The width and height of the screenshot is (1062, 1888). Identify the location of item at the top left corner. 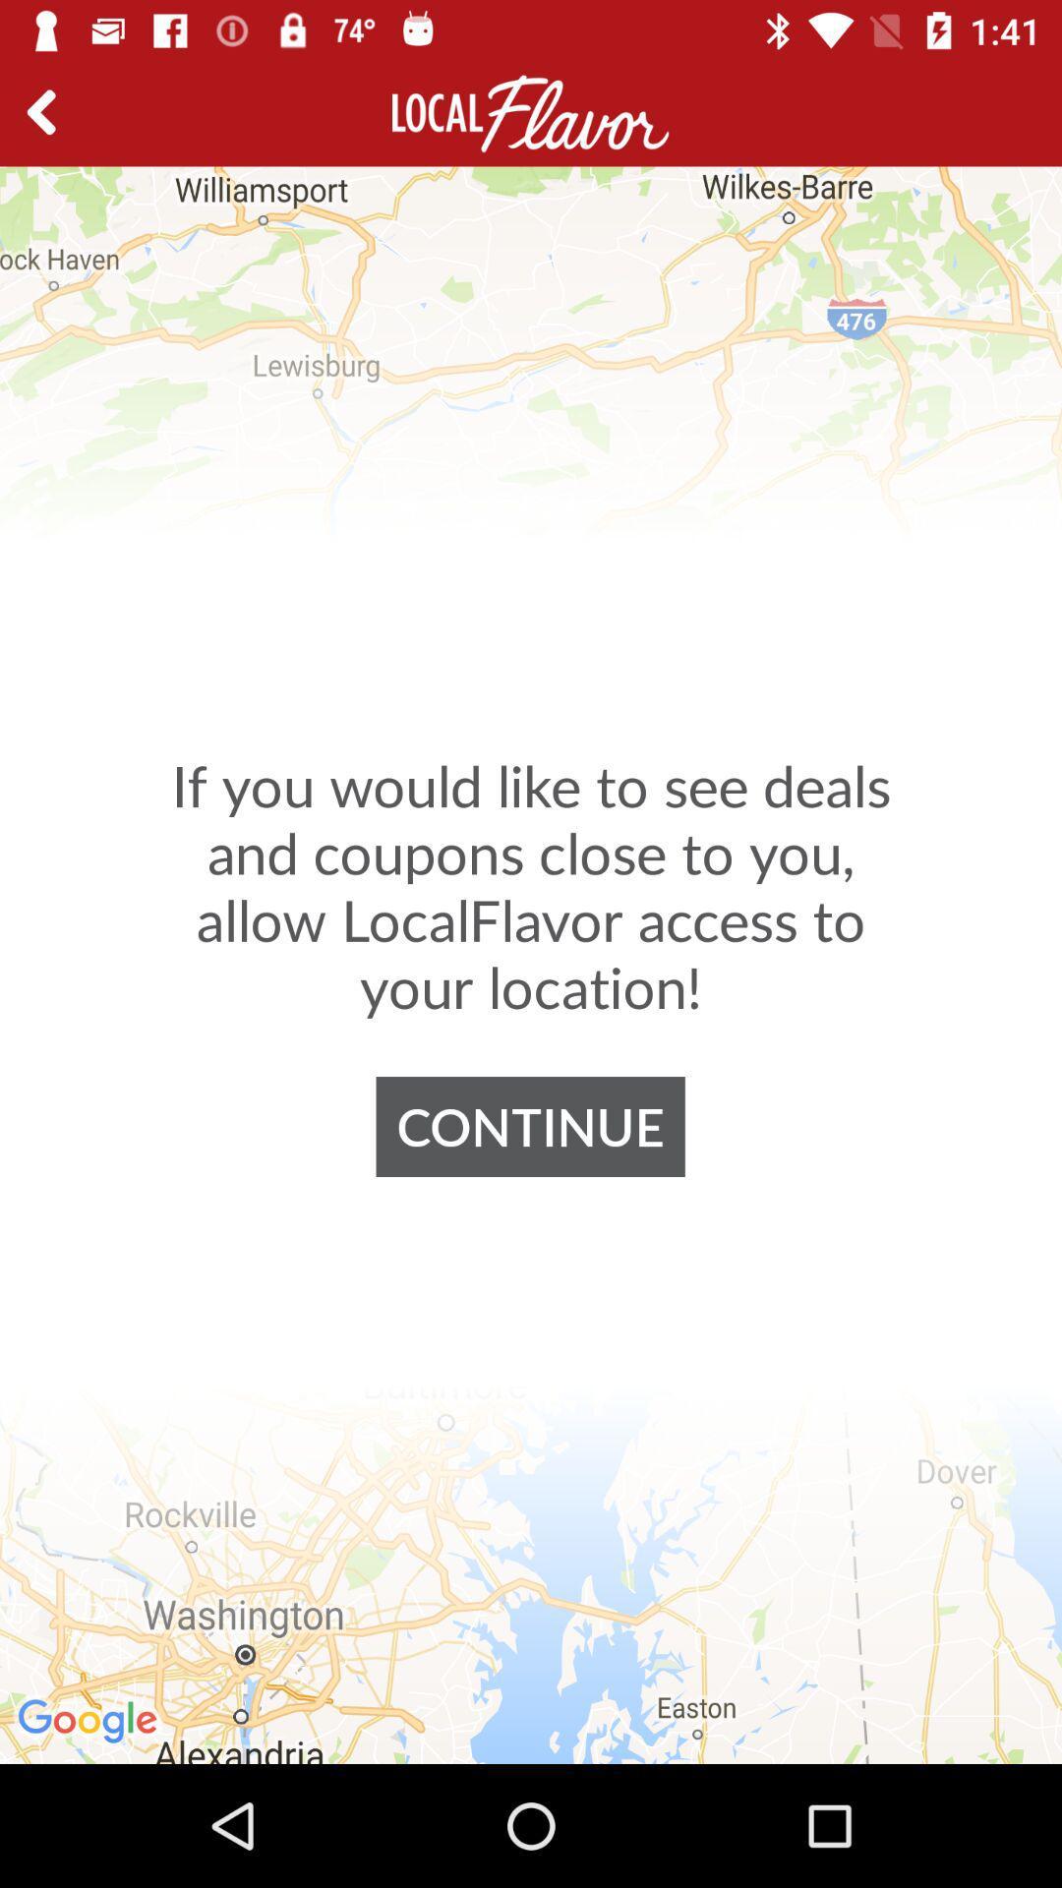
(47, 113).